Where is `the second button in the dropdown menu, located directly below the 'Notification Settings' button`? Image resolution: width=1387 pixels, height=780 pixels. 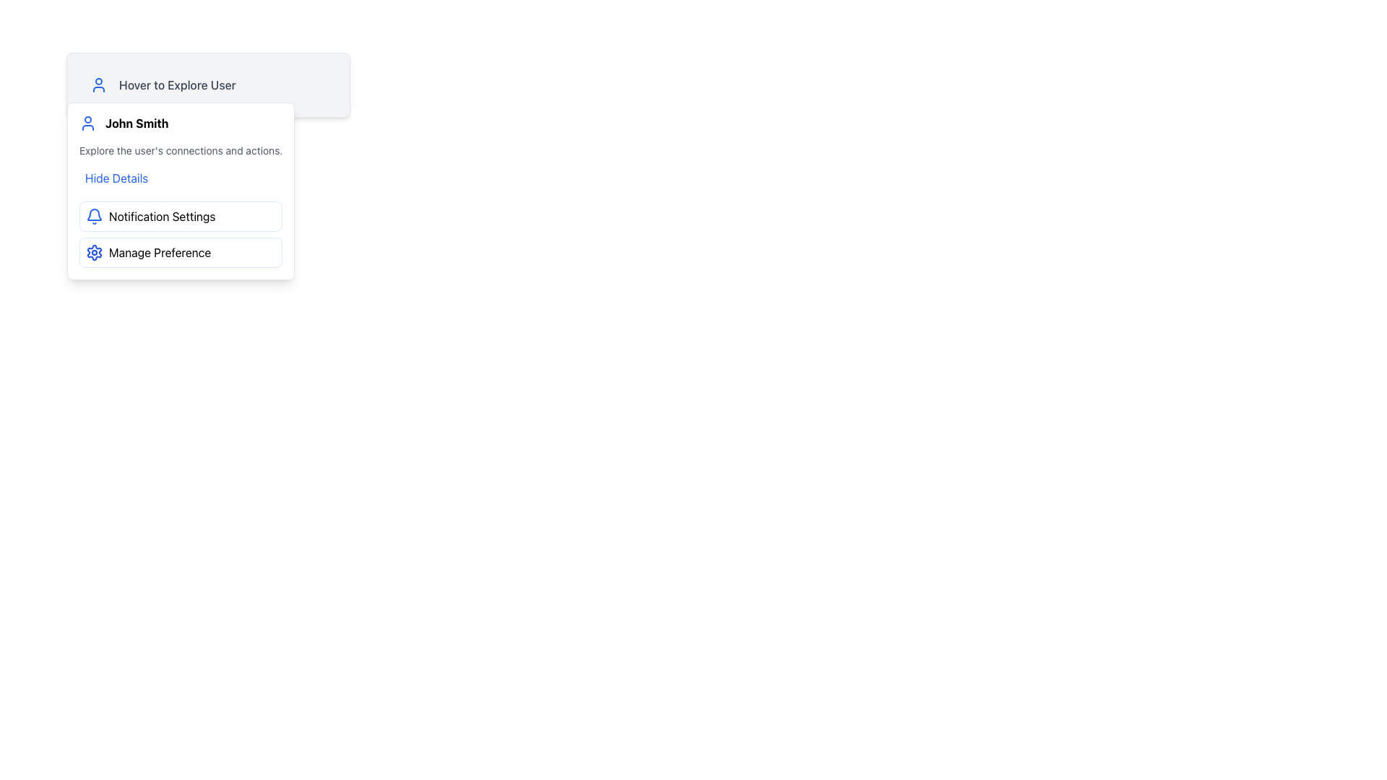 the second button in the dropdown menu, located directly below the 'Notification Settings' button is located at coordinates (180, 252).